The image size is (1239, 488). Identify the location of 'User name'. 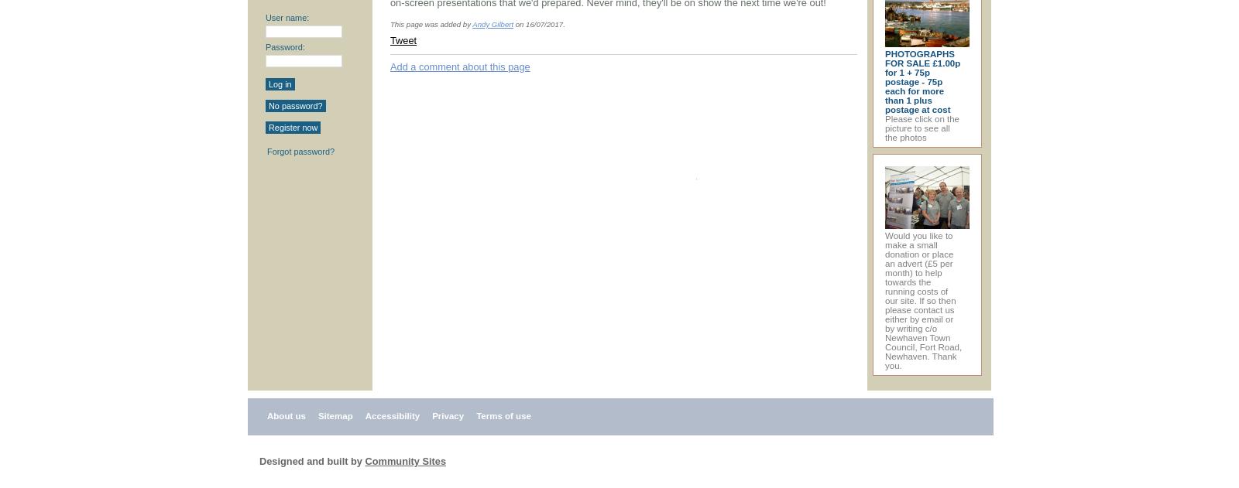
(286, 18).